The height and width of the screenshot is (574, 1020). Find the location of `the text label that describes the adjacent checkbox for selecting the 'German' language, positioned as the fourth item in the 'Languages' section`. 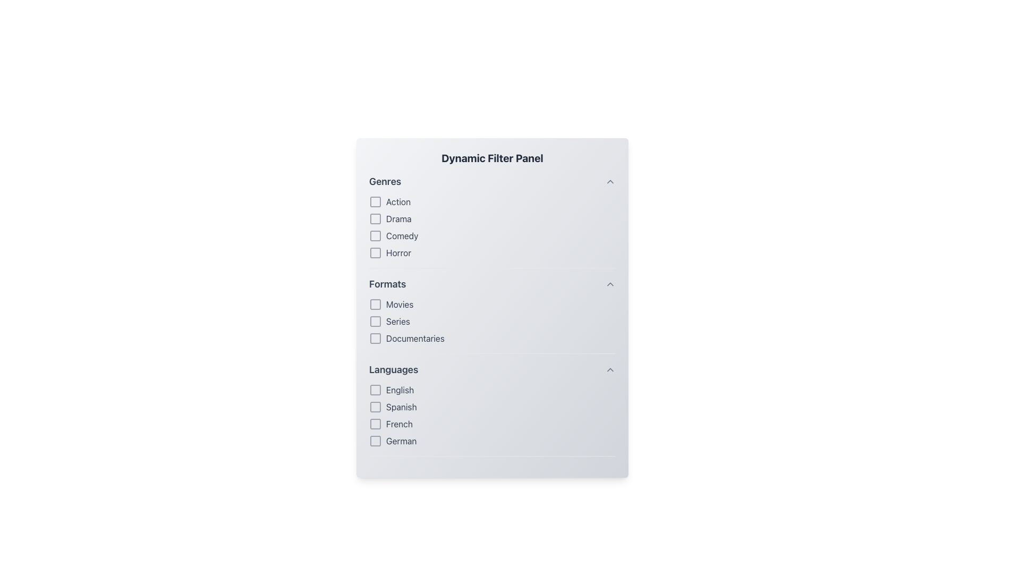

the text label that describes the adjacent checkbox for selecting the 'German' language, positioned as the fourth item in the 'Languages' section is located at coordinates (401, 441).